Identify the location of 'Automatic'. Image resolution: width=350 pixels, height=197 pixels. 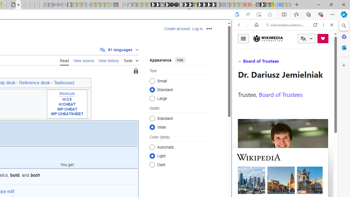
(152, 147).